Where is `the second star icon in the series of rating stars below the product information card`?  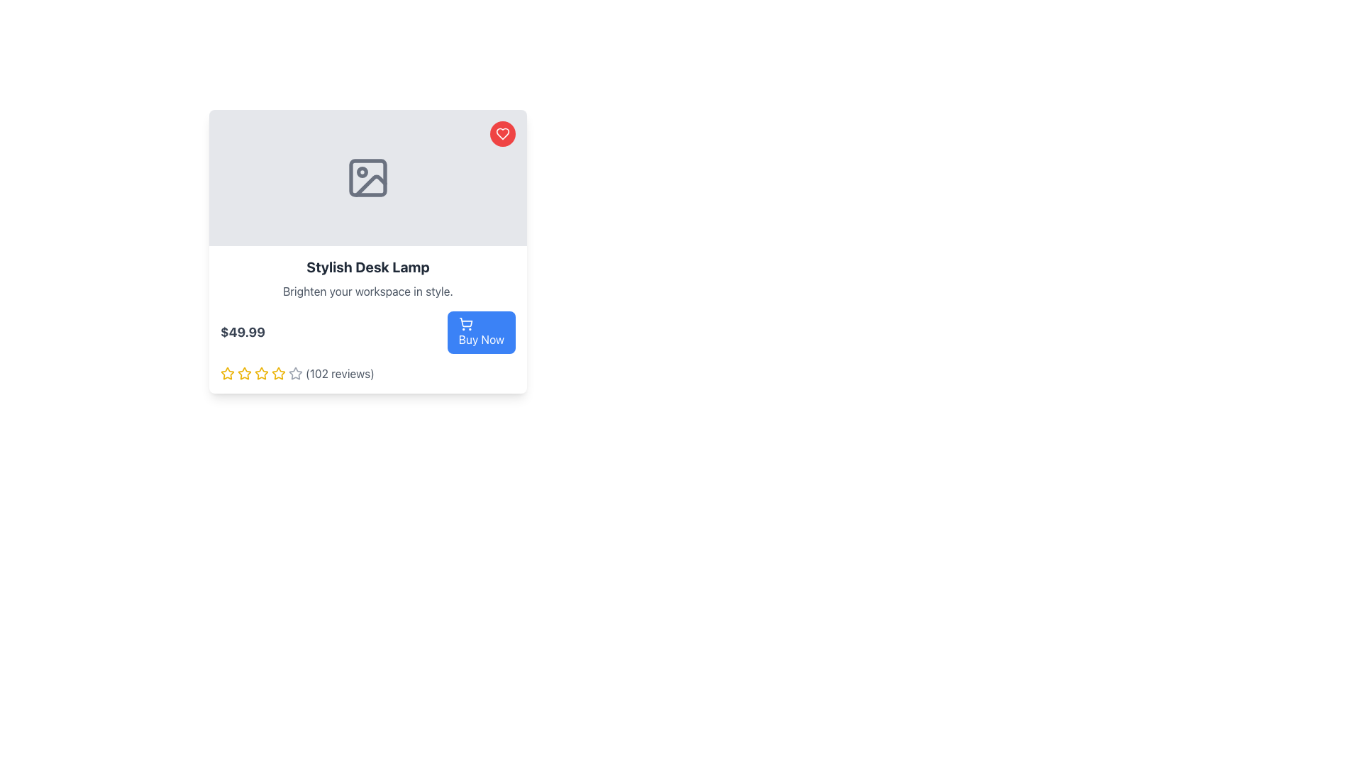 the second star icon in the series of rating stars below the product information card is located at coordinates (228, 372).